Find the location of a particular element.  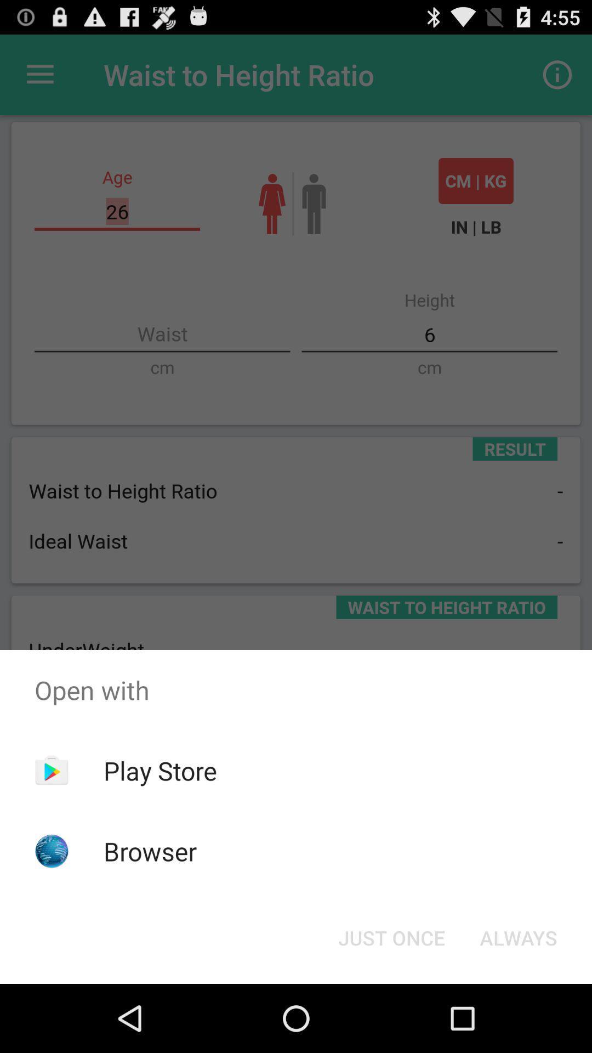

play store app is located at coordinates (160, 770).